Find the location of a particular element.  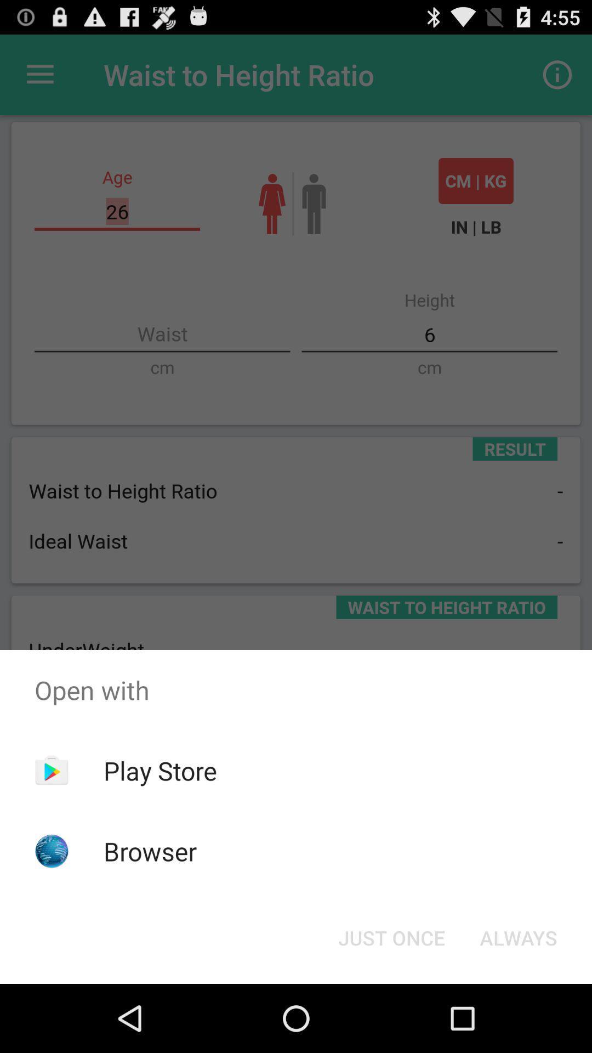

play store app is located at coordinates (160, 770).